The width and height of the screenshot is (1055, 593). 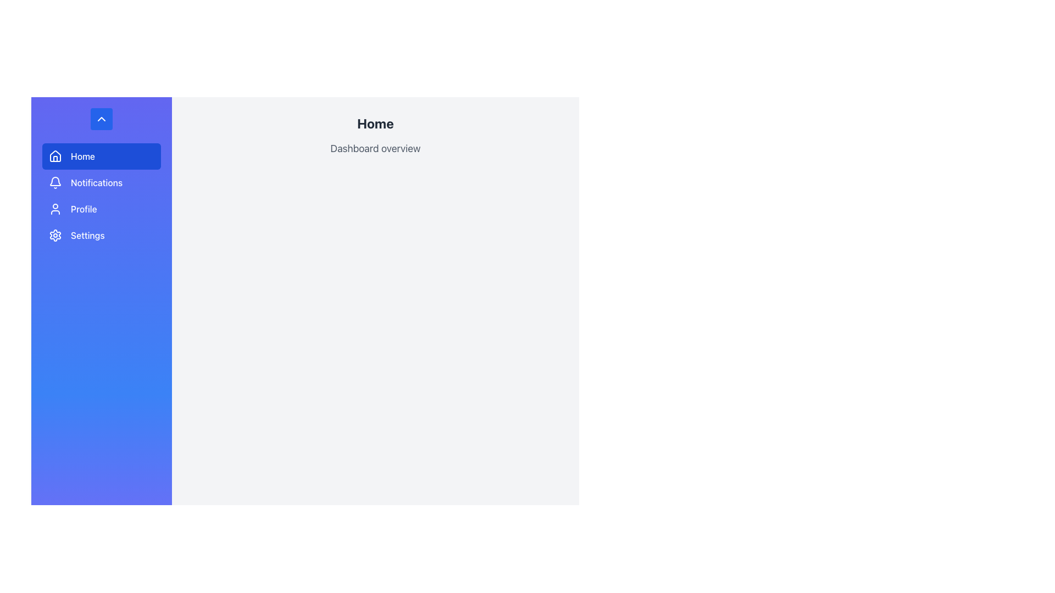 I want to click on the 'Home' button icon located on the left side of the text label, which serves as navigation to the homepage, so click(x=54, y=156).